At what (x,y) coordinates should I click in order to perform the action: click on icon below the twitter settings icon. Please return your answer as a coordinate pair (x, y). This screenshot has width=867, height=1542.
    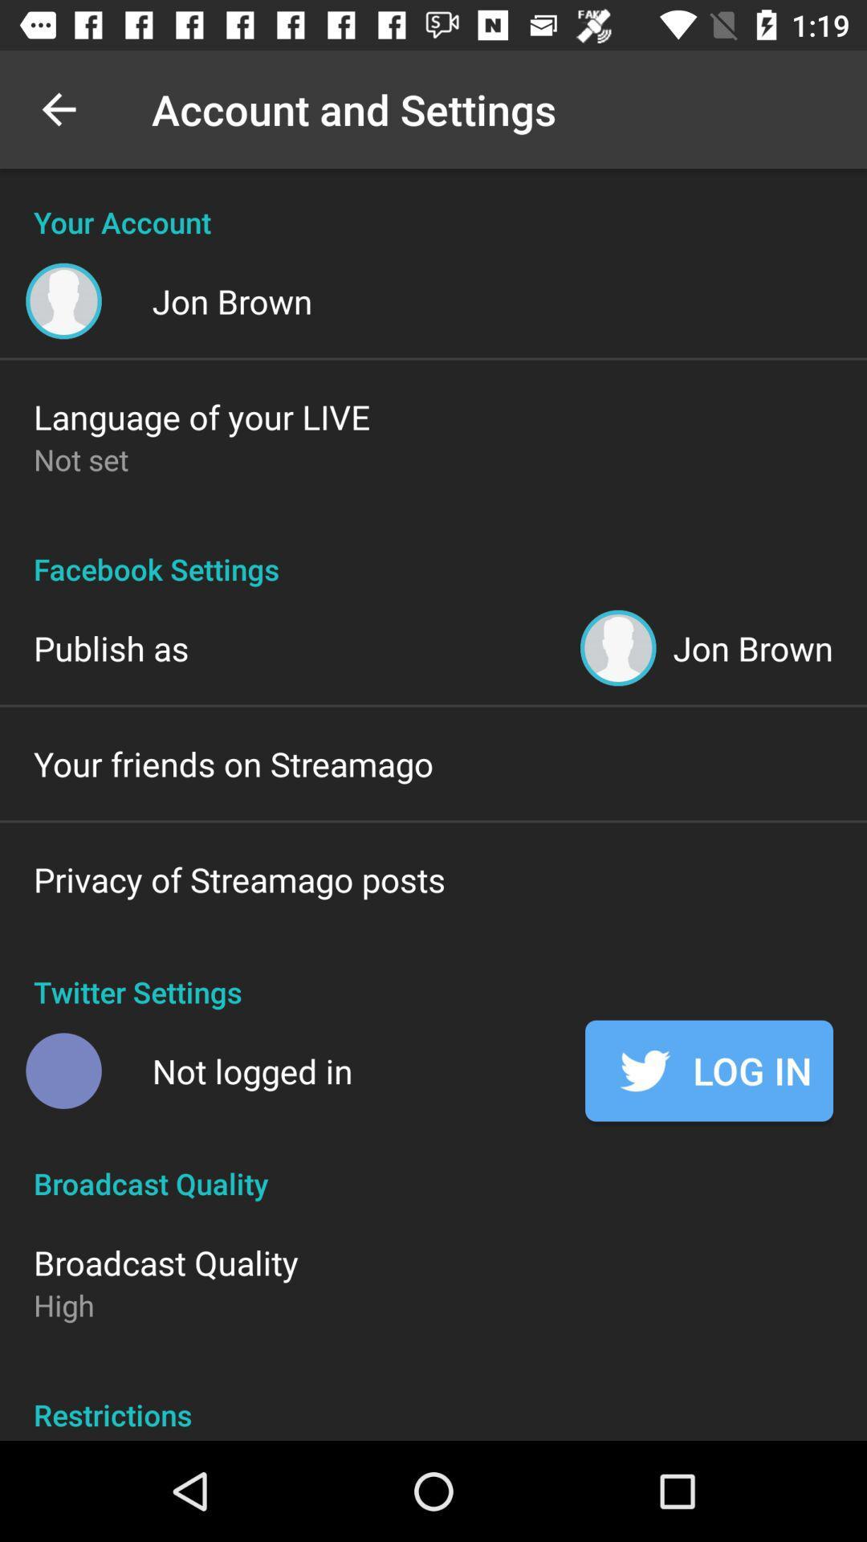
    Looking at the image, I should click on (708, 1071).